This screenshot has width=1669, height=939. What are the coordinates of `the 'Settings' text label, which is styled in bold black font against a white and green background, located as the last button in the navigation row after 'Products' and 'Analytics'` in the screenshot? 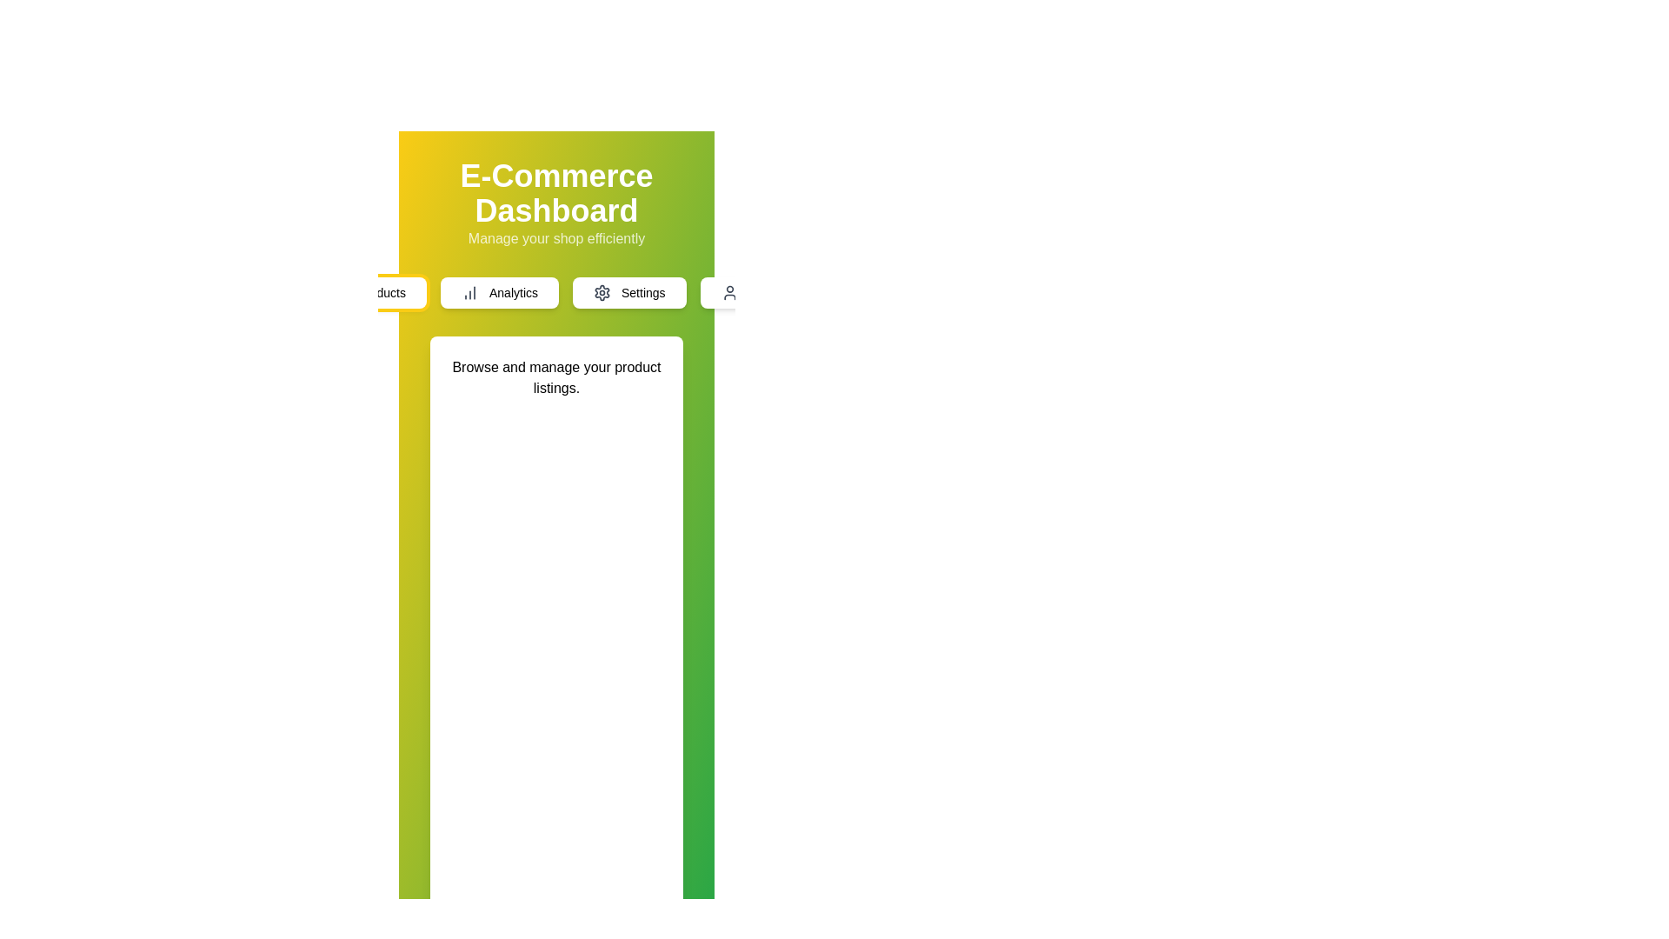 It's located at (642, 291).